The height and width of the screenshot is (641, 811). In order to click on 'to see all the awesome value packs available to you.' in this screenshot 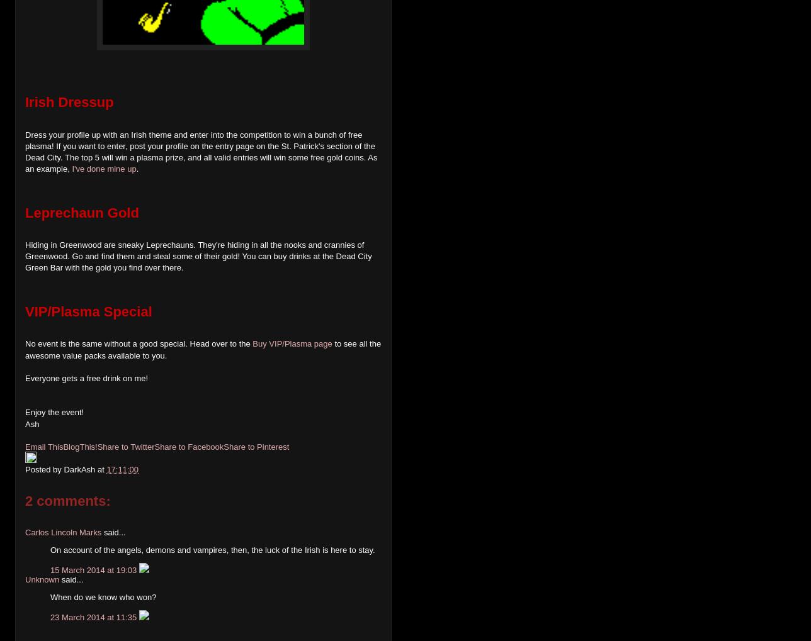, I will do `click(203, 349)`.